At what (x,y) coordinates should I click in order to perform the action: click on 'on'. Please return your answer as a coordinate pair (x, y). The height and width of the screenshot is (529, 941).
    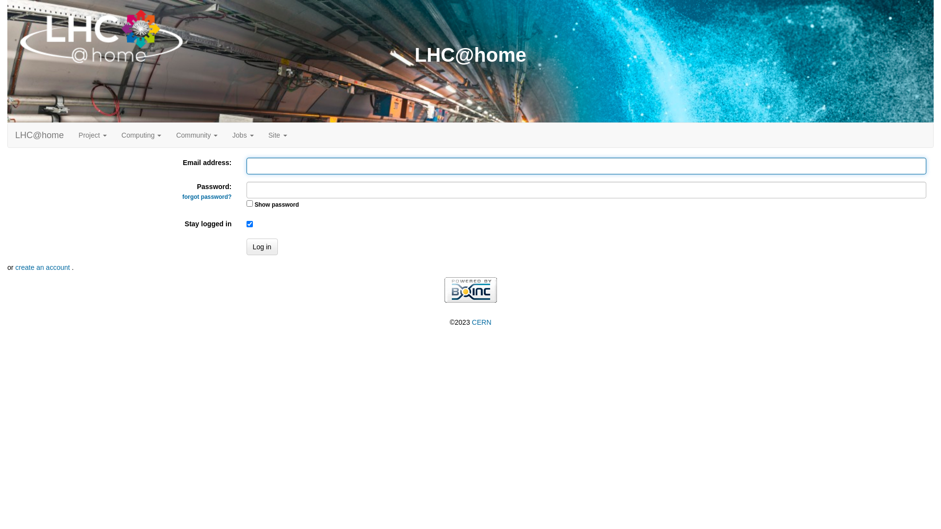
    Looking at the image, I should click on (249, 203).